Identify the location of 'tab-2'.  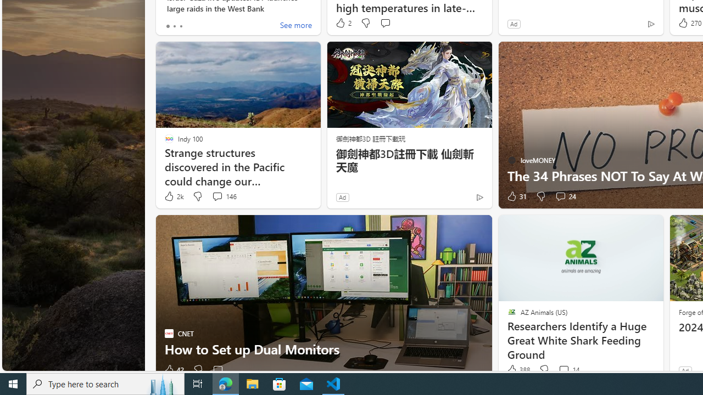
(180, 25).